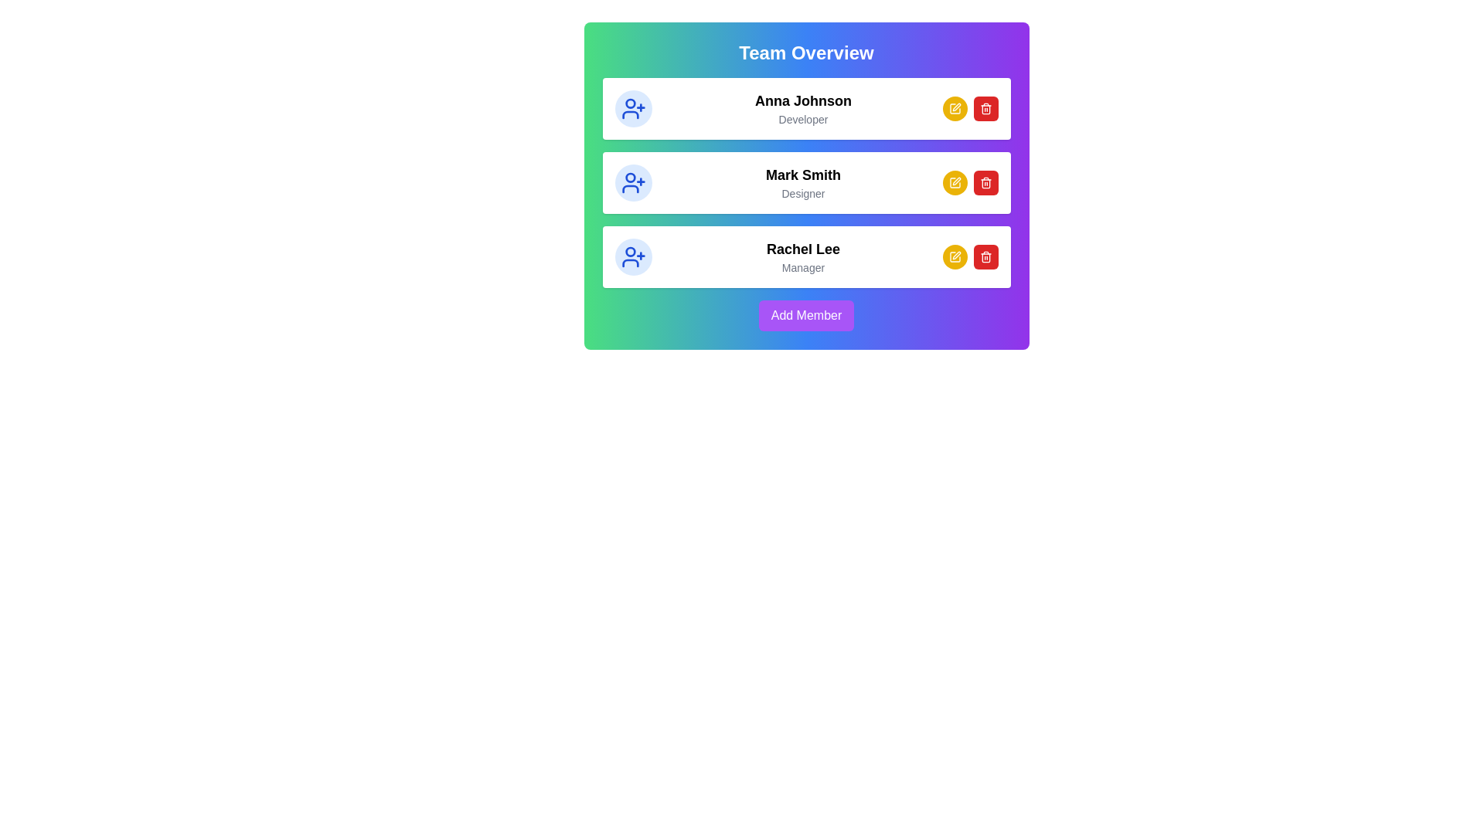  I want to click on the text label indicating the role 'Manager' associated with team member 'Rachel Lee', located in the third row of the team overview list, so click(803, 267).